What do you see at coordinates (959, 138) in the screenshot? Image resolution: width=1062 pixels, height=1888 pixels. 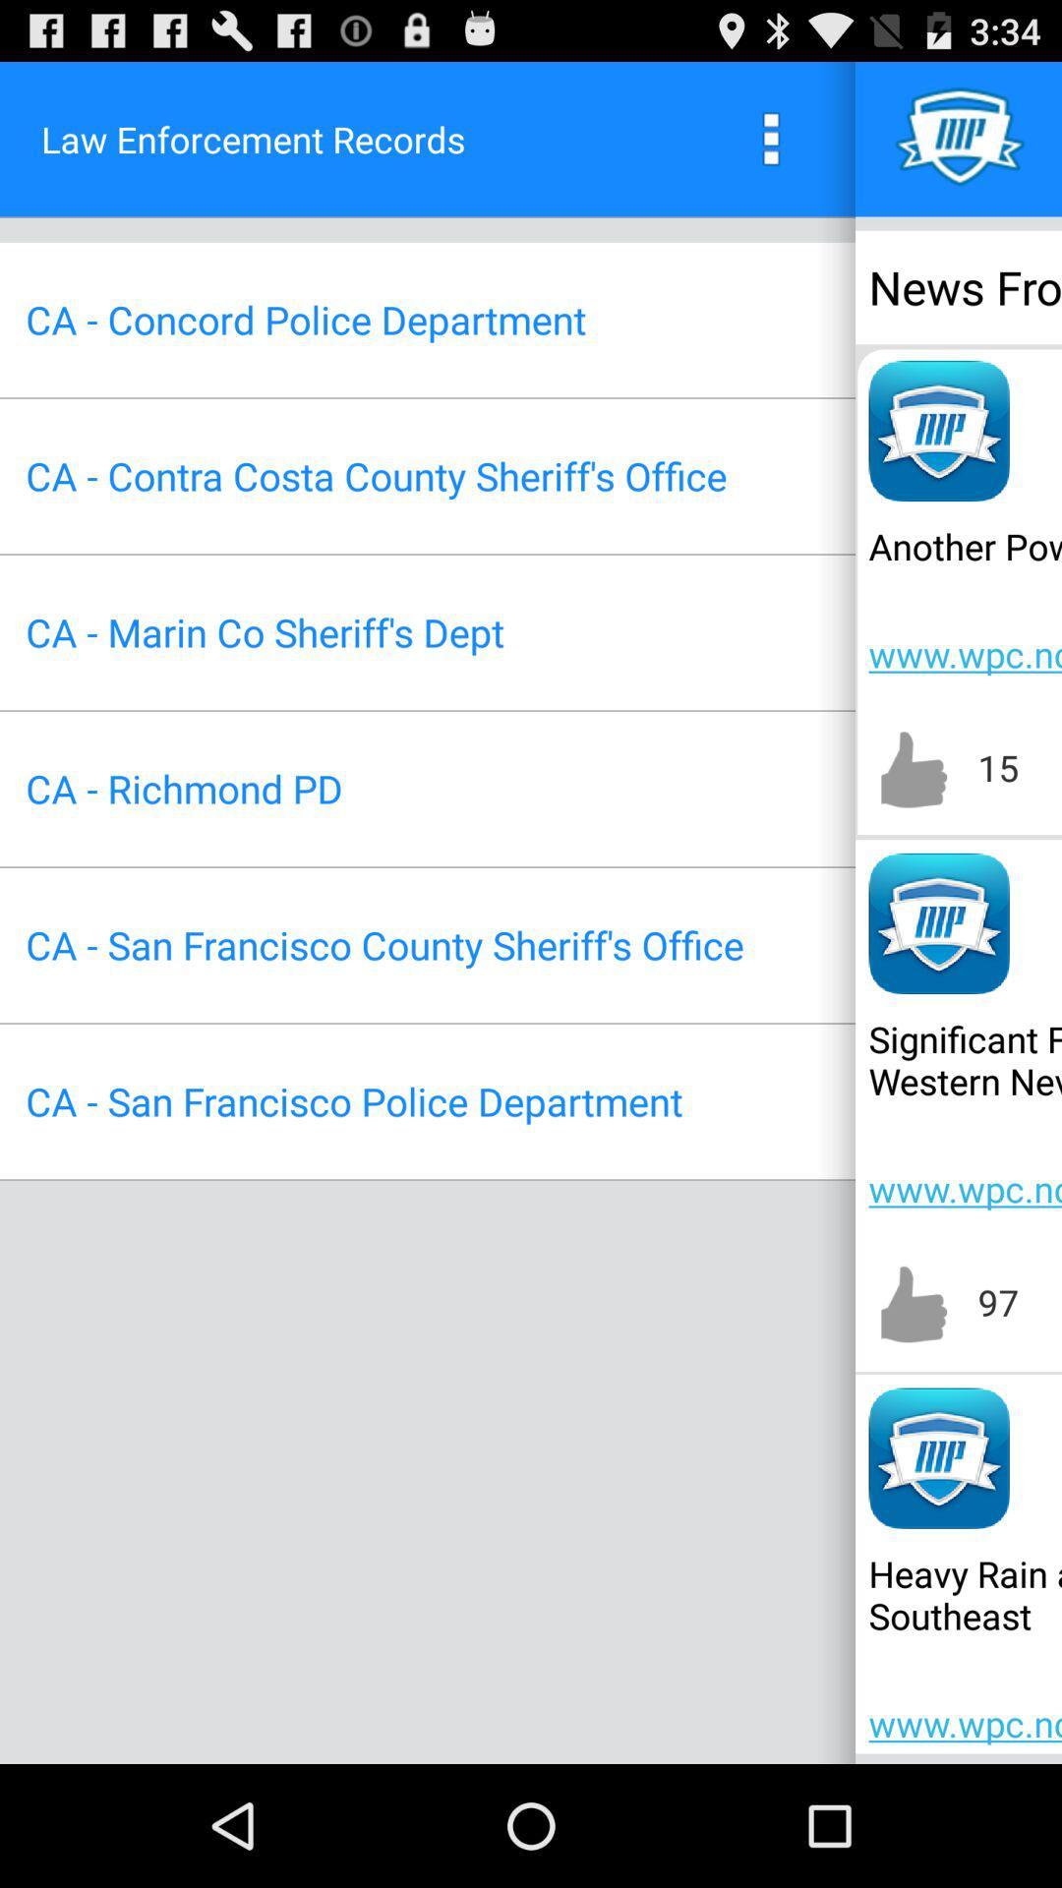 I see `icon above news from icon` at bounding box center [959, 138].